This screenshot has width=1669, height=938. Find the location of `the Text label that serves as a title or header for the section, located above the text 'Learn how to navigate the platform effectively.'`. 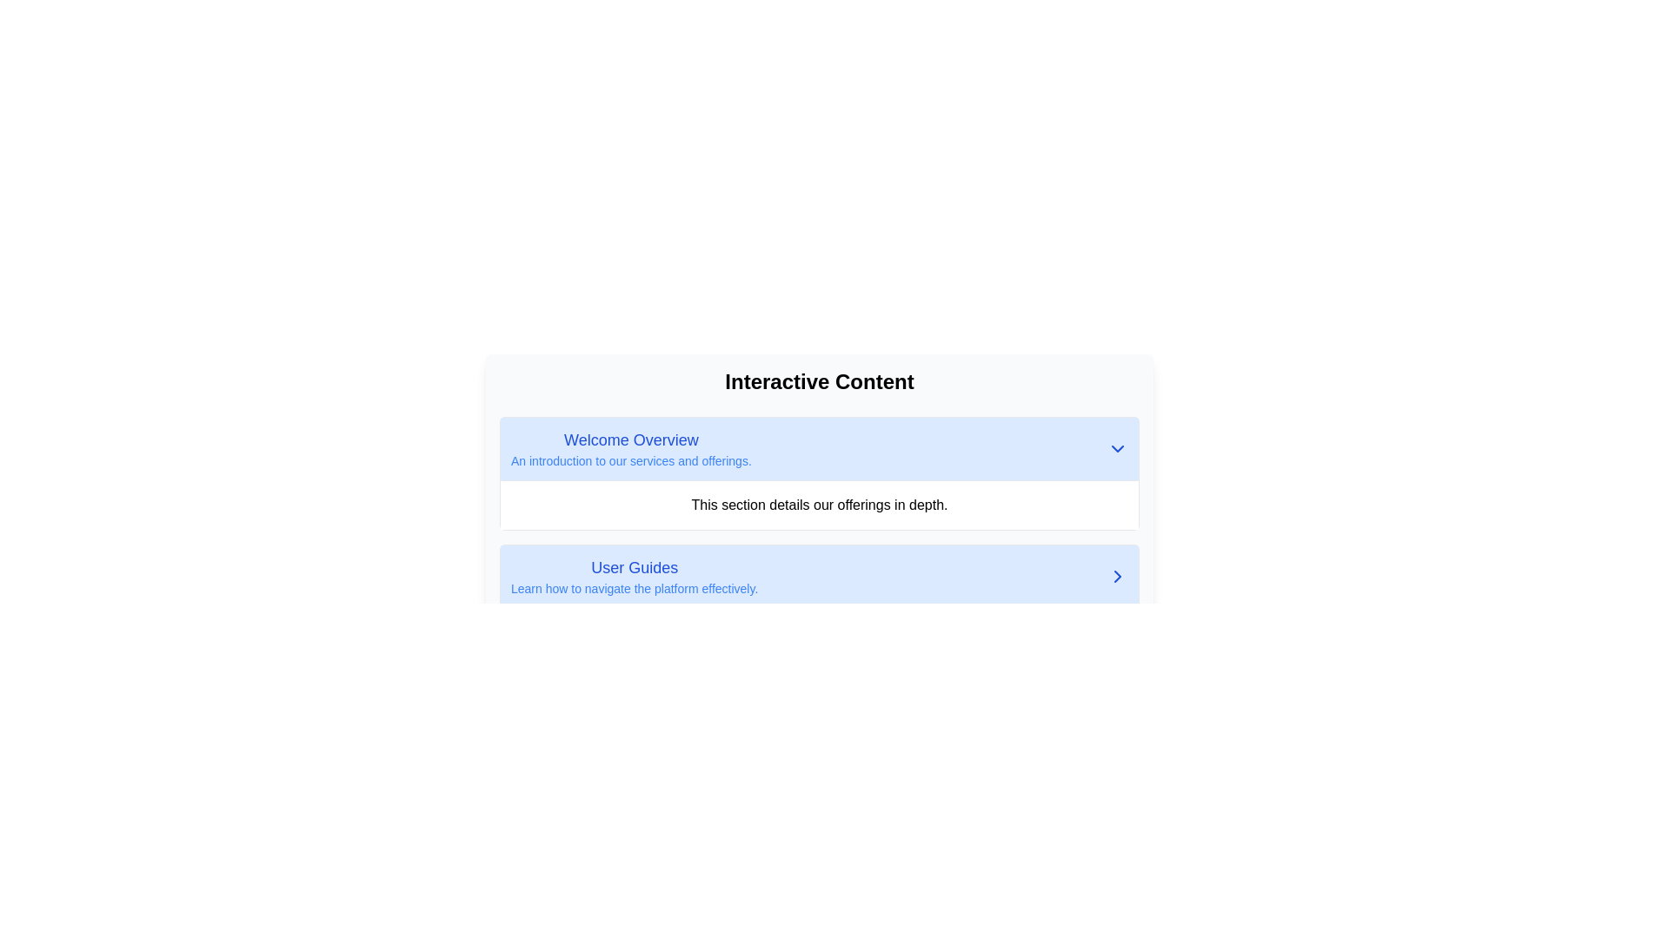

the Text label that serves as a title or header for the section, located above the text 'Learn how to navigate the platform effectively.' is located at coordinates (634, 568).